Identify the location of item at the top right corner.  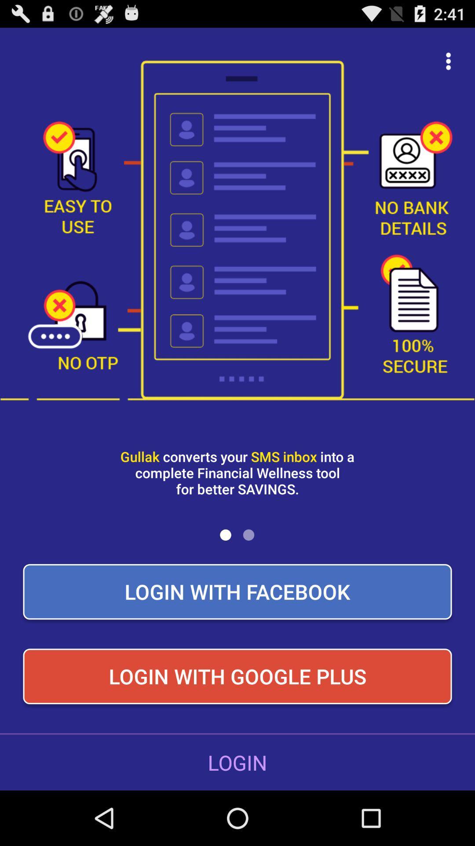
(448, 61).